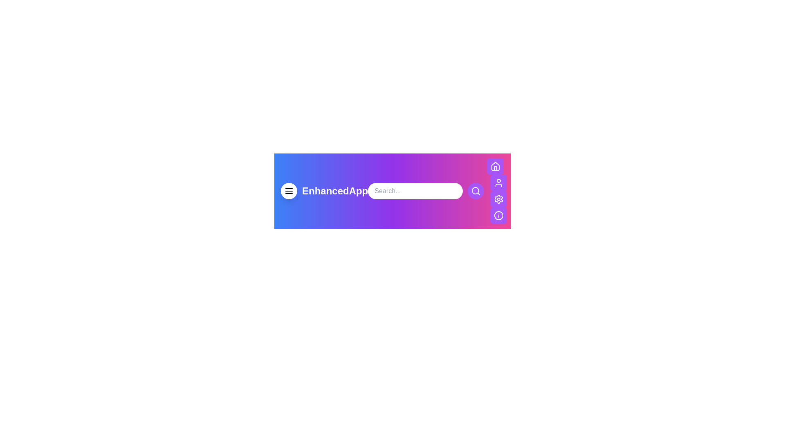 The image size is (785, 442). I want to click on the navigation button Home, so click(495, 166).